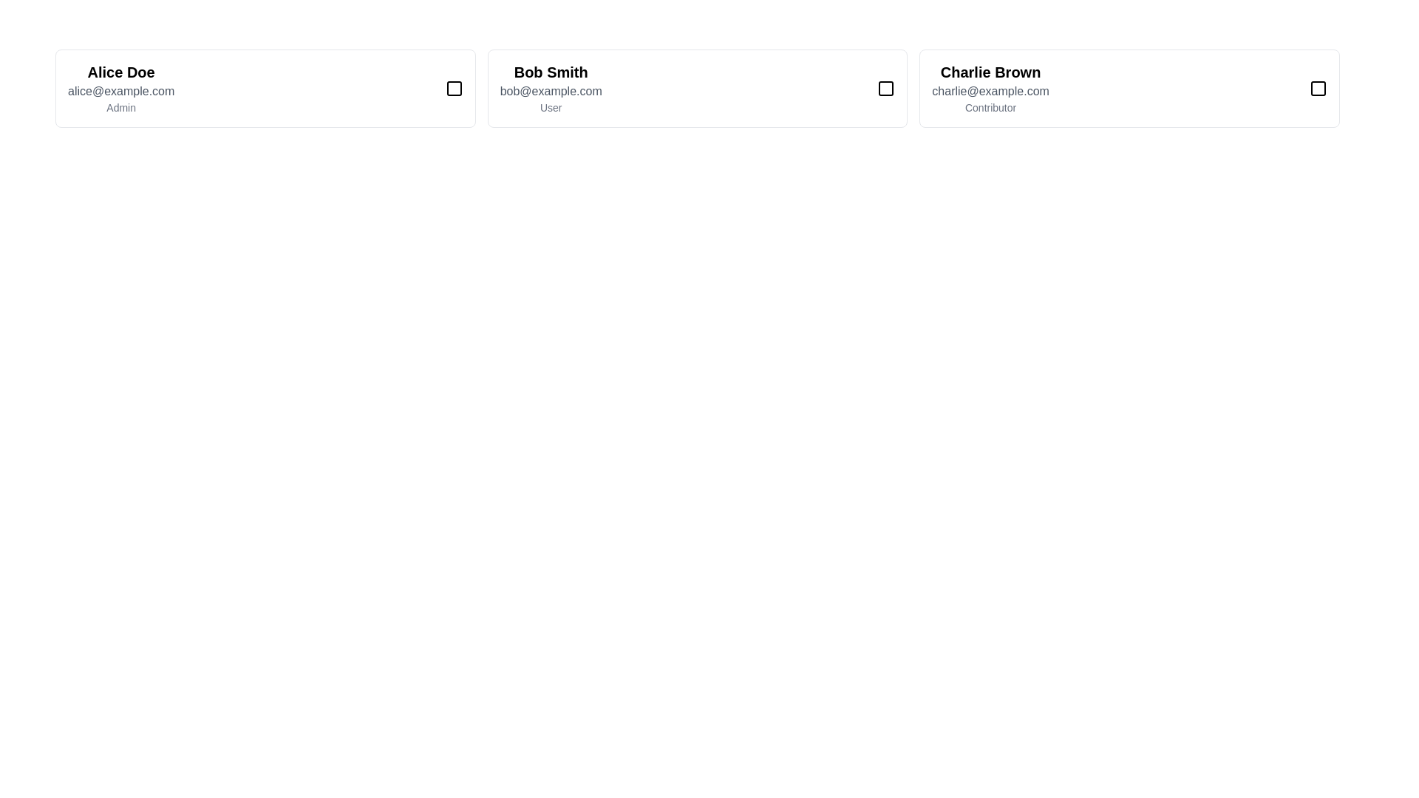  What do you see at coordinates (121, 88) in the screenshot?
I see `the Text Display Block displaying profile information for 'Alice Doe', which includes the name, email 'alice@example.com', and role 'Admin'` at bounding box center [121, 88].